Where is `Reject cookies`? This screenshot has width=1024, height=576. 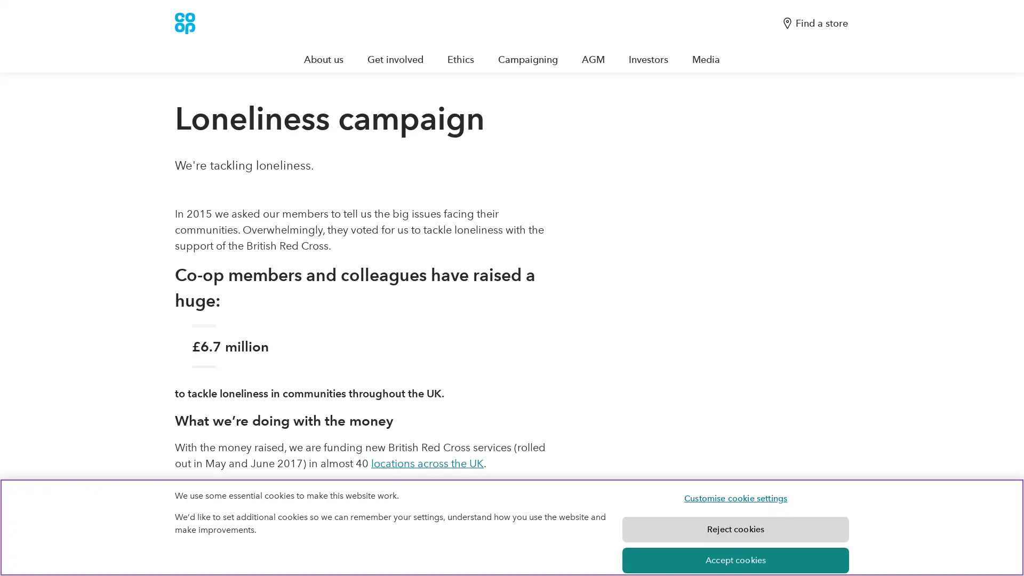
Reject cookies is located at coordinates (734, 529).